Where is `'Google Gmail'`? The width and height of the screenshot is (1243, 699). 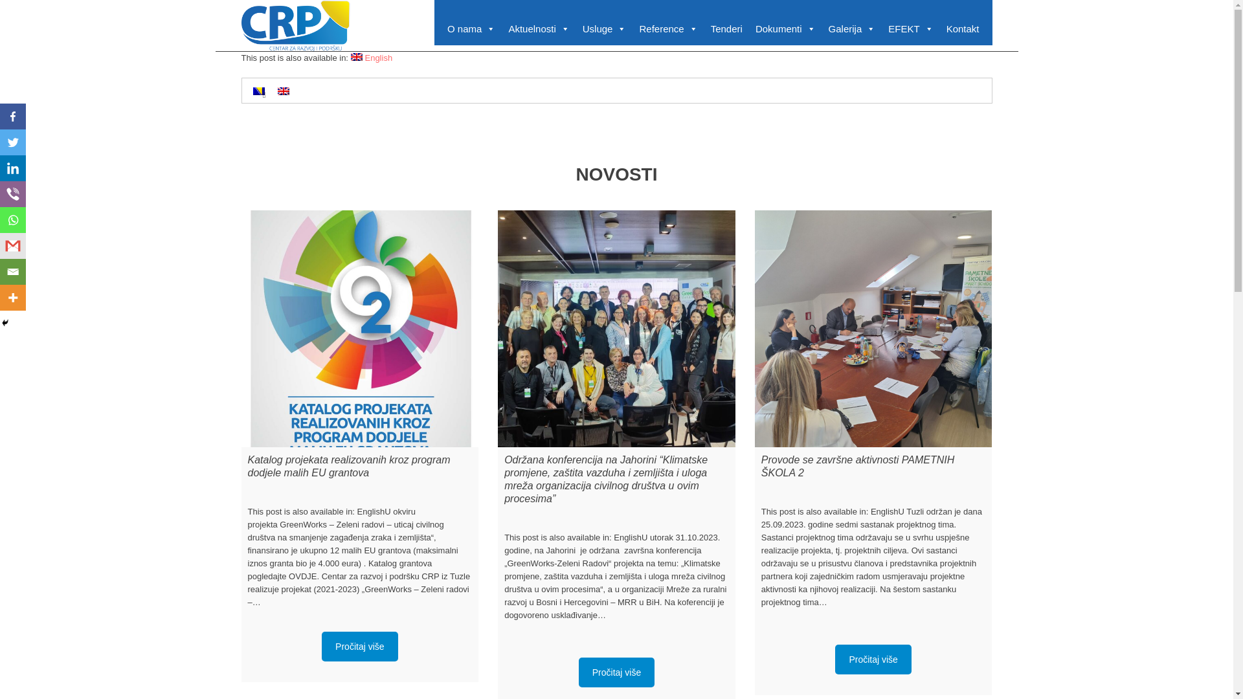 'Google Gmail' is located at coordinates (12, 246).